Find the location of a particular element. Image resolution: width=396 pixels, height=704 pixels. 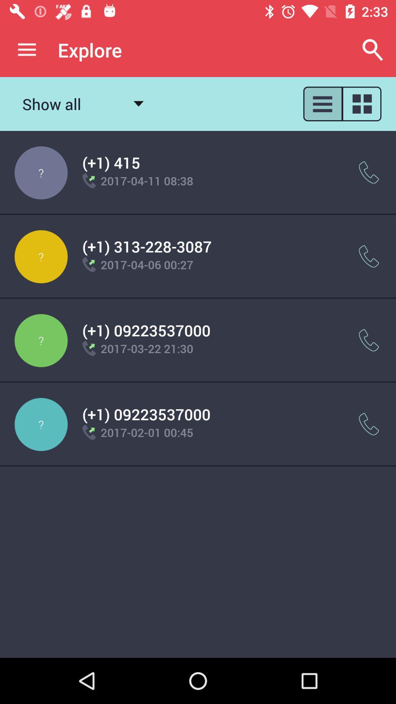

the menu icon is located at coordinates (322, 103).